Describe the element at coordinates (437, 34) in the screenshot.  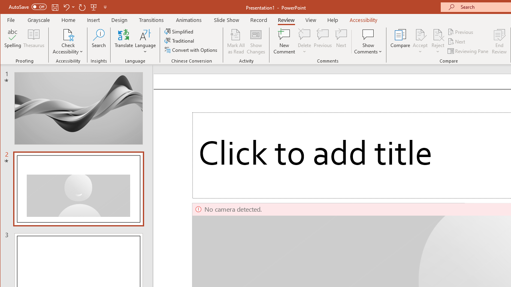
I see `'Reject Change'` at that location.